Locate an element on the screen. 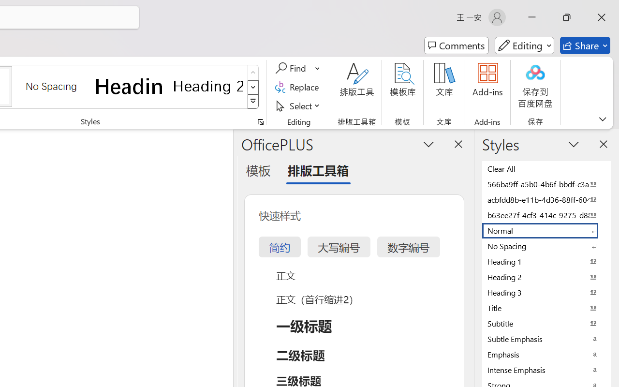  'Row up' is located at coordinates (253, 73).